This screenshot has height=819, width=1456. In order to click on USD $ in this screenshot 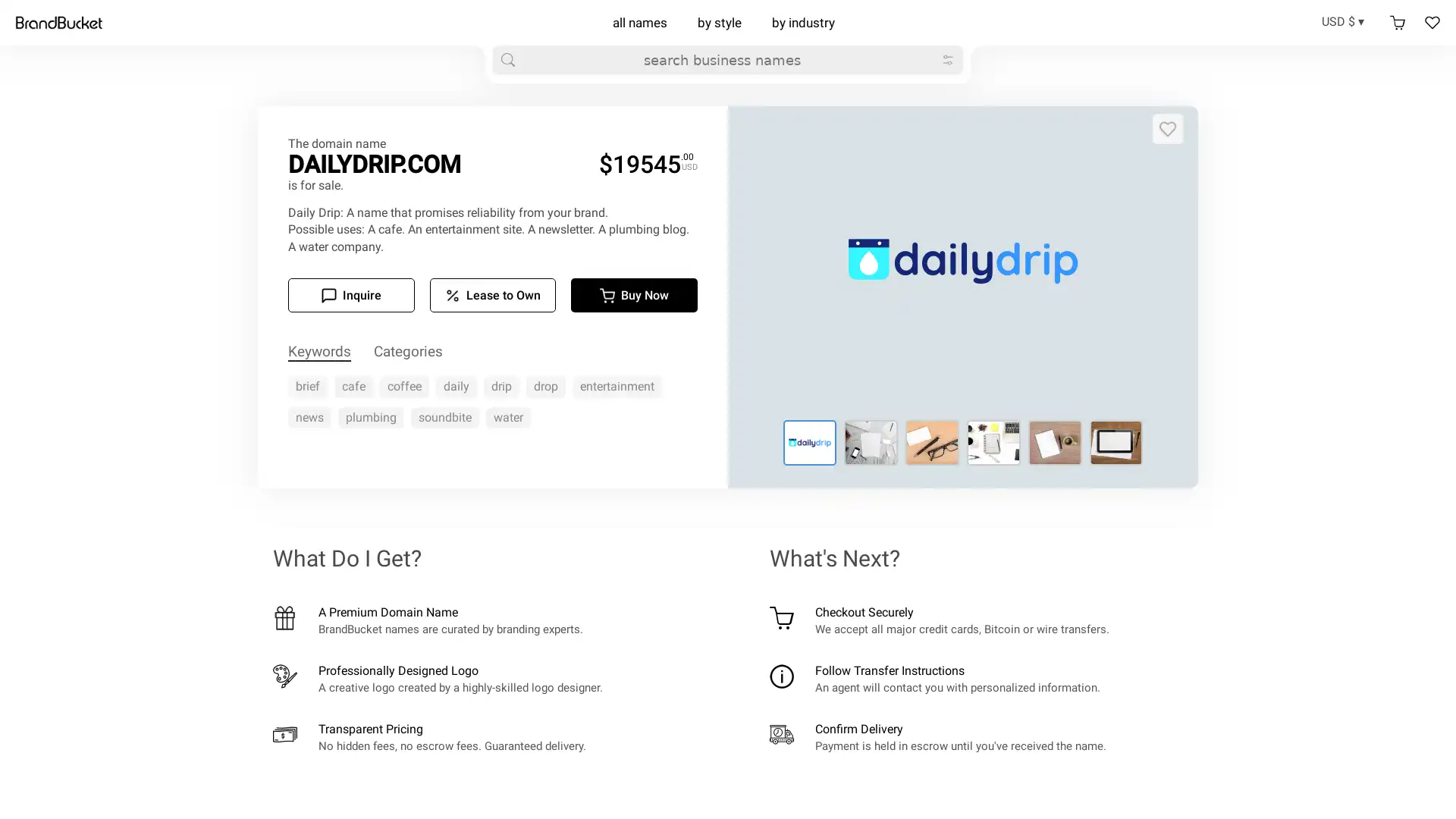, I will do `click(1348, 20)`.